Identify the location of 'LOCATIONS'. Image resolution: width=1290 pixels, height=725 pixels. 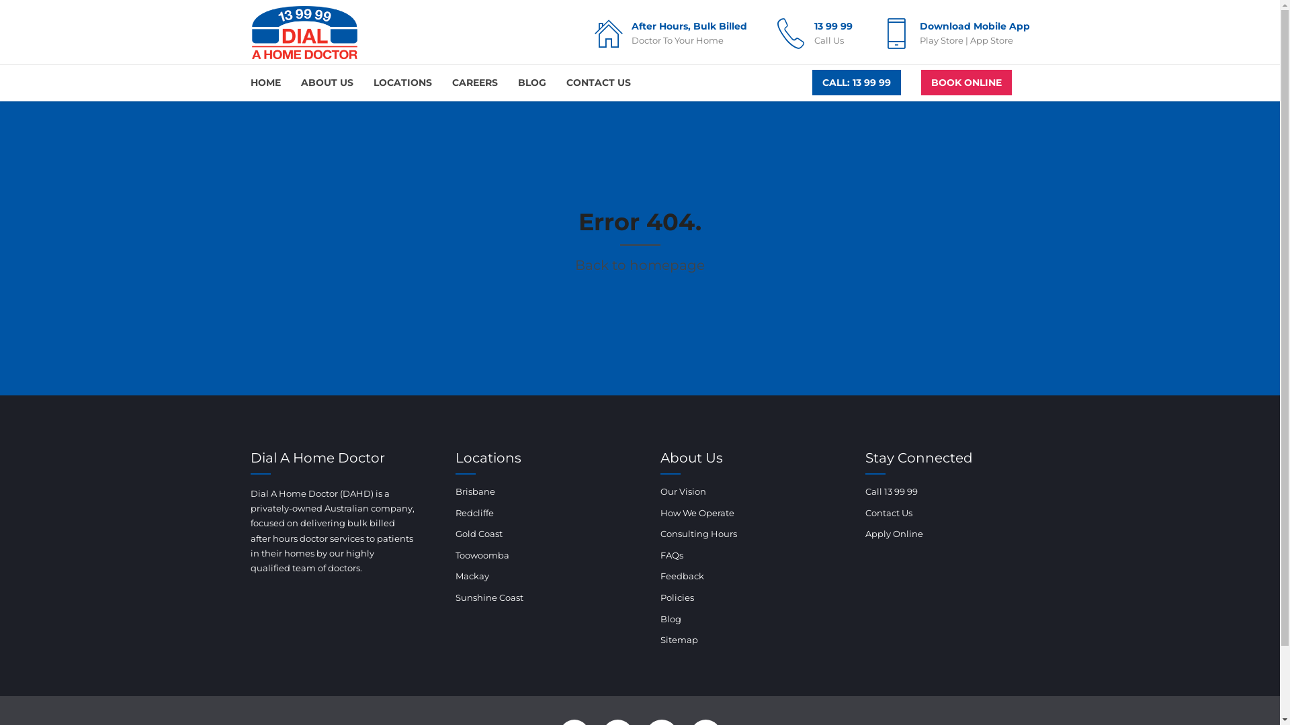
(402, 83).